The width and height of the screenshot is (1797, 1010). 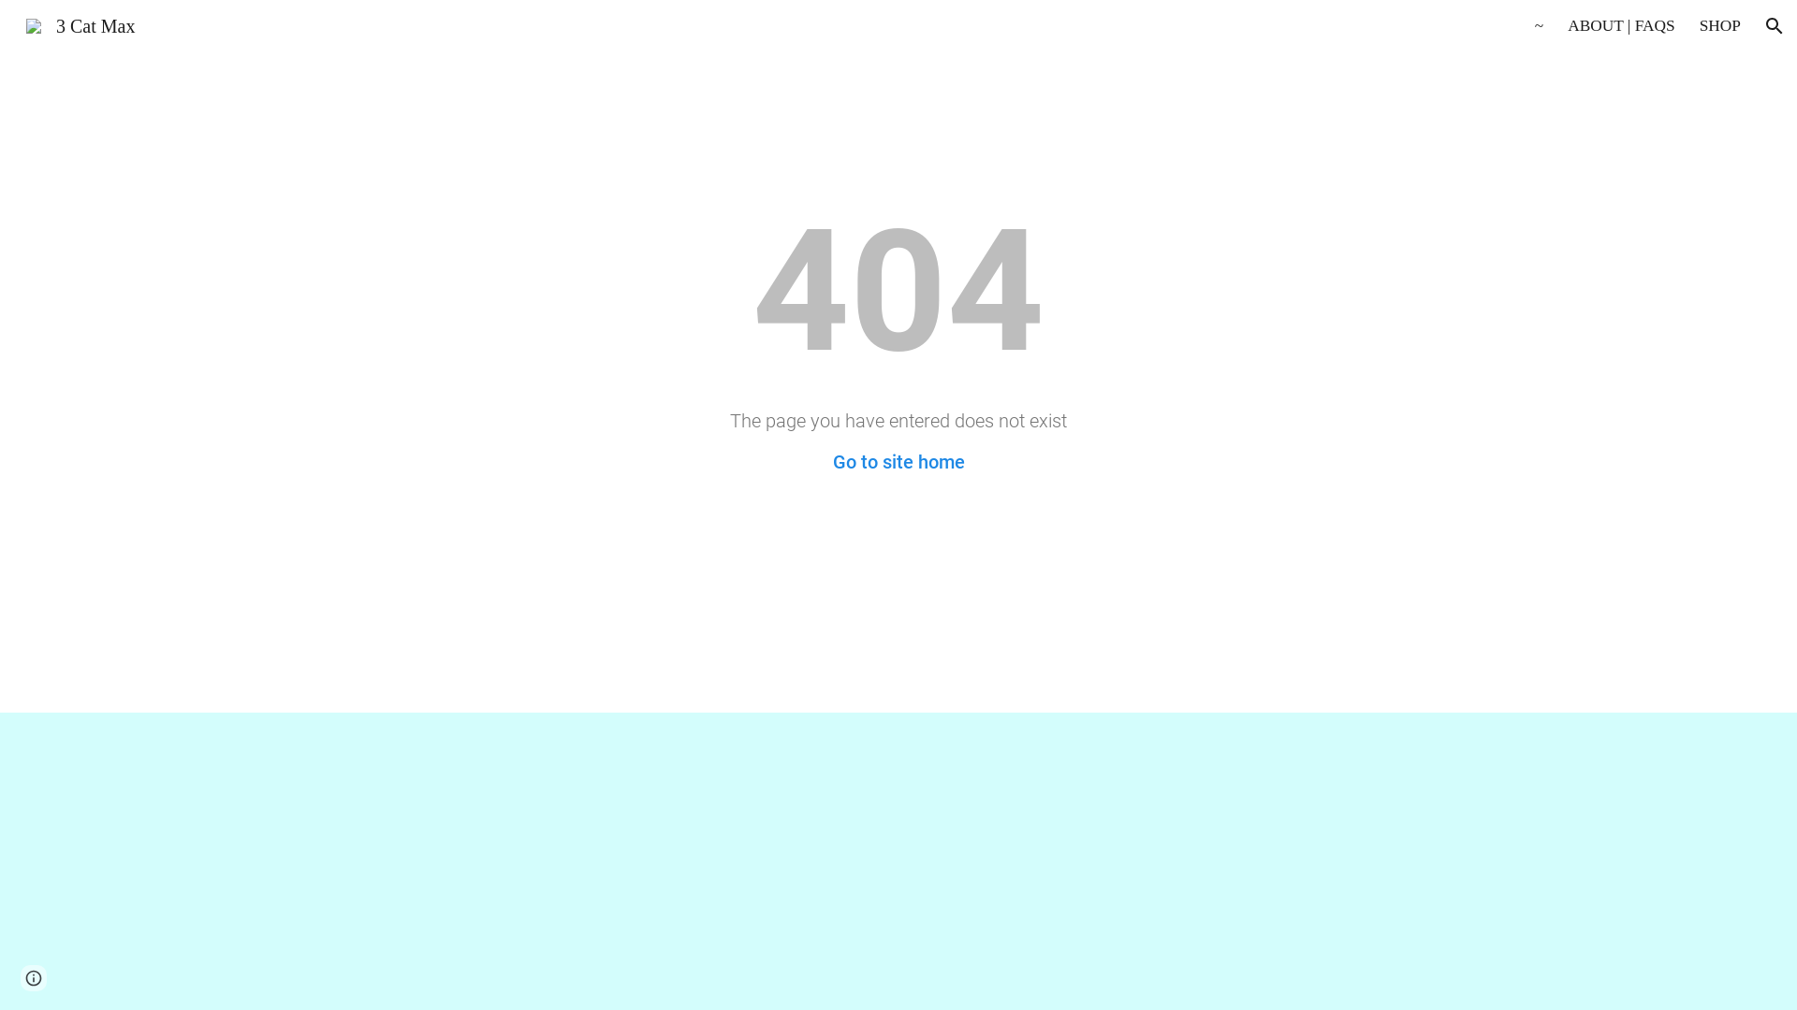 I want to click on 'SHOP', so click(x=1720, y=25).